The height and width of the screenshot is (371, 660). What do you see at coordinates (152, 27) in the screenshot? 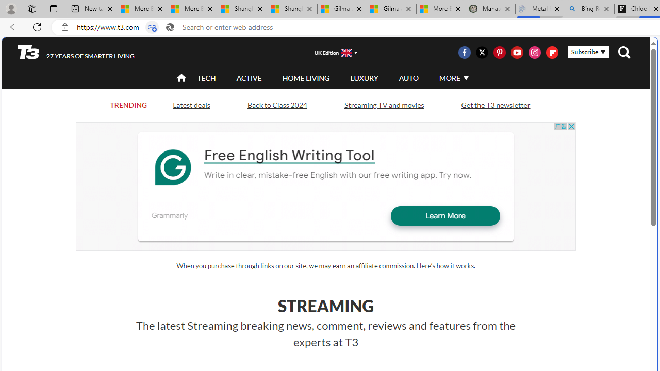
I see `'Tabs in split screen'` at bounding box center [152, 27].